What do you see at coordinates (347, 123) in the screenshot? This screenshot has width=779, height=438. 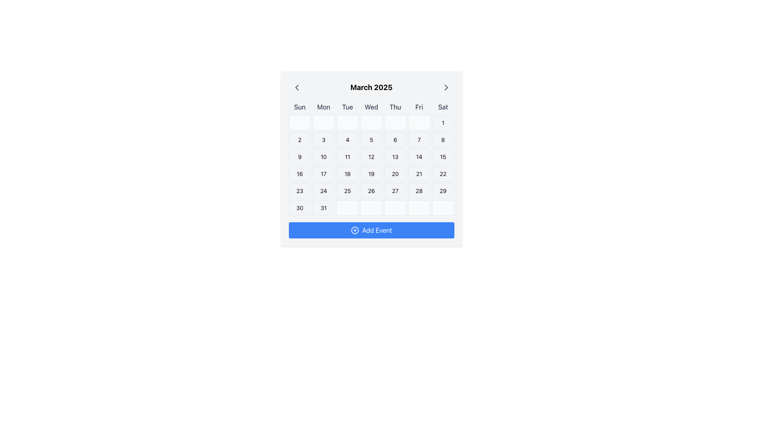 I see `the Placeholder Element located in the topmost row of the third cell under the 'Tue' column in the calendar interface` at bounding box center [347, 123].